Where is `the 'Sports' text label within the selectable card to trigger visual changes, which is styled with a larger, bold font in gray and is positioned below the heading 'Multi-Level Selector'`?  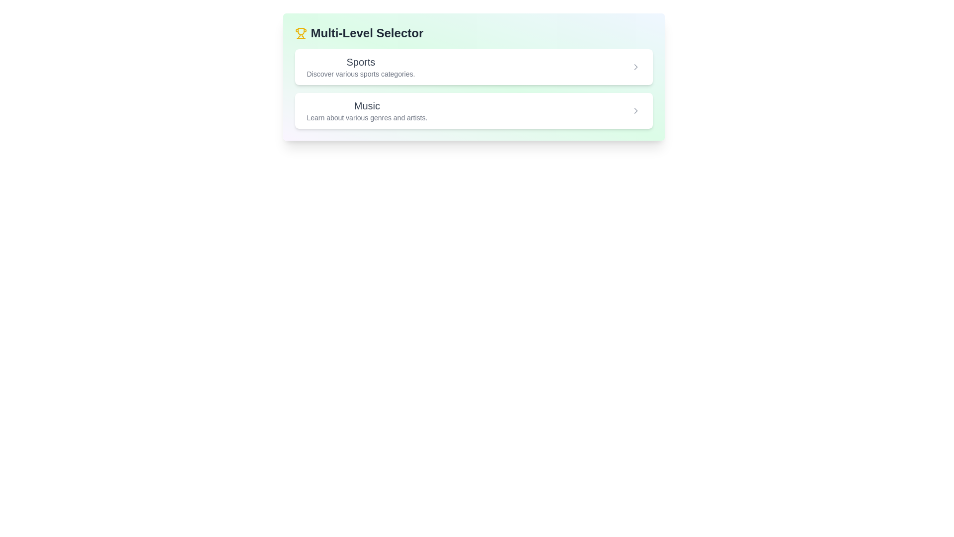 the 'Sports' text label within the selectable card to trigger visual changes, which is styled with a larger, bold font in gray and is positioned below the heading 'Multi-Level Selector' is located at coordinates (360, 67).